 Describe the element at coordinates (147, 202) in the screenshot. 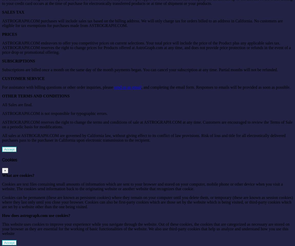

I see `'Cookies can be permanent (these are known as persistent cookies) where they remain on your computer until you delete them, or temporary (these are known as session cookies) where they last only until you close your browser. Cookies can also be first-party cookies which are those set by the website which is being visited, or third-party cookies which are set by a website other than the one being visited.'` at that location.